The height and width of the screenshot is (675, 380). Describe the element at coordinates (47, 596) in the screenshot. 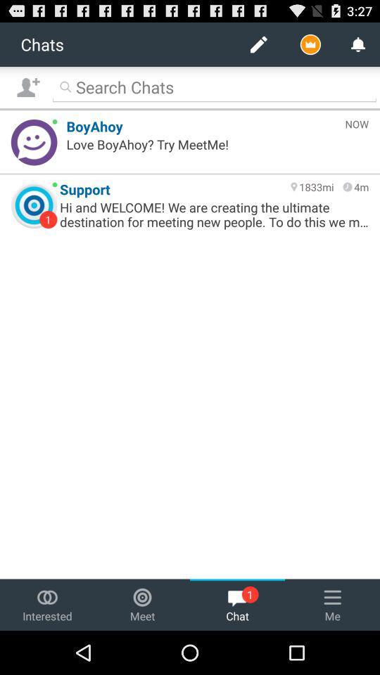

I see `the icon which is just above interested` at that location.